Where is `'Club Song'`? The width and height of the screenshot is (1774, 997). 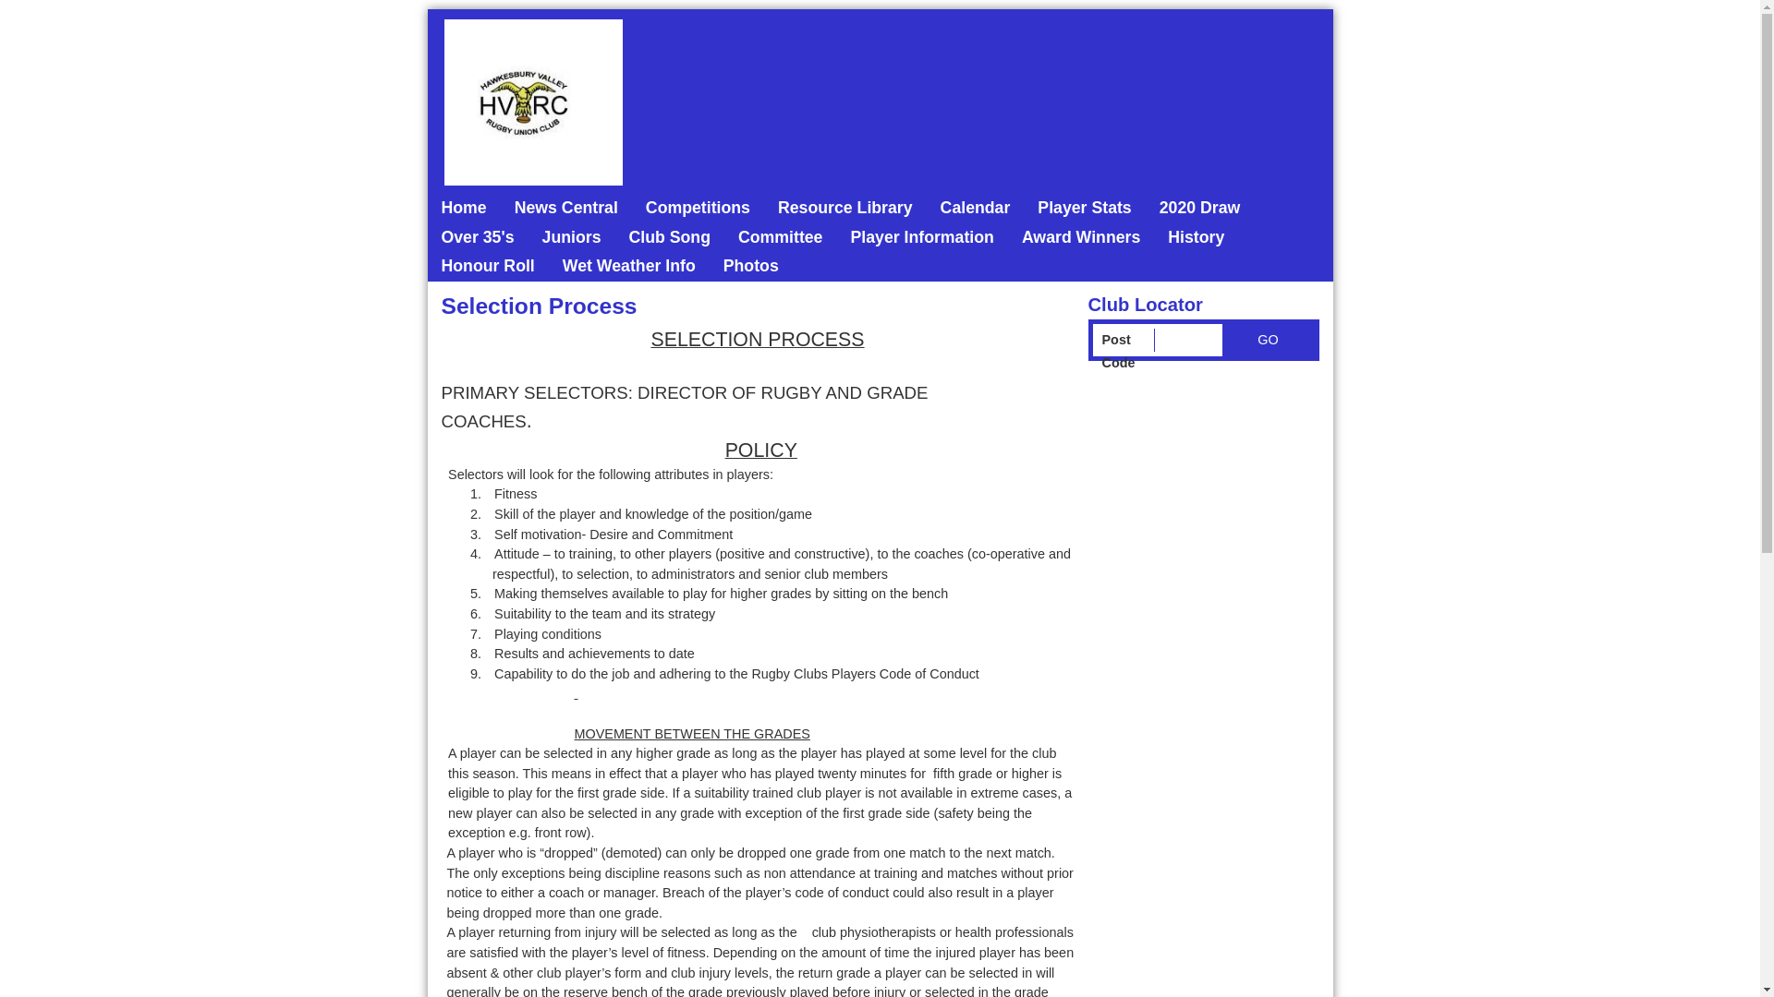 'Club Song' is located at coordinates (668, 237).